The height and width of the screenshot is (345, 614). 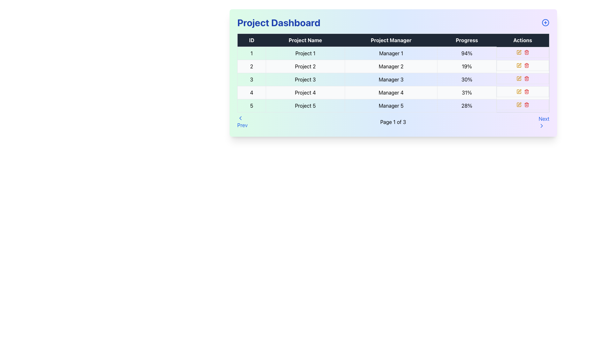 What do you see at coordinates (526, 91) in the screenshot?
I see `the trash can icon in the last column of the fourth row under the 'Actions' header` at bounding box center [526, 91].